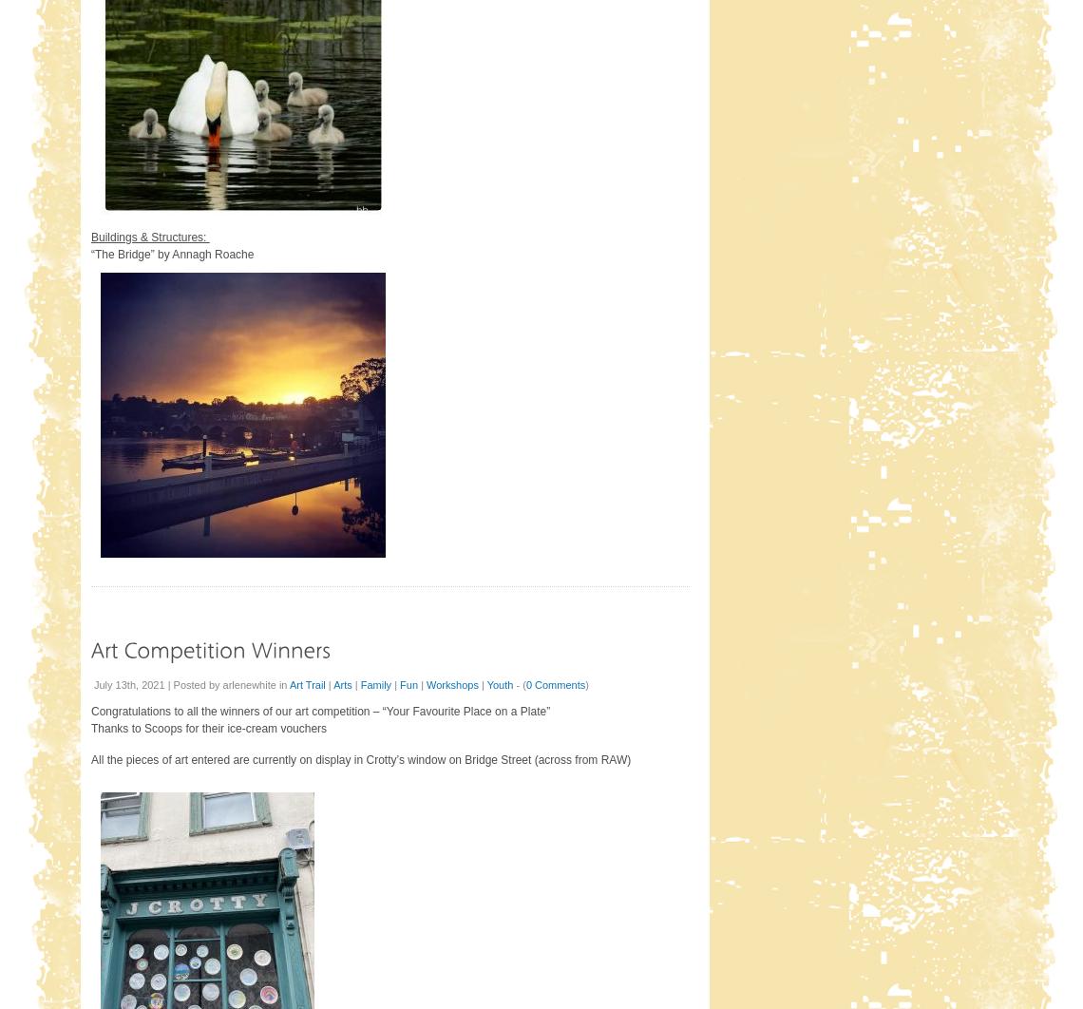 Image resolution: width=1083 pixels, height=1009 pixels. What do you see at coordinates (512, 684) in the screenshot?
I see `'- ('` at bounding box center [512, 684].